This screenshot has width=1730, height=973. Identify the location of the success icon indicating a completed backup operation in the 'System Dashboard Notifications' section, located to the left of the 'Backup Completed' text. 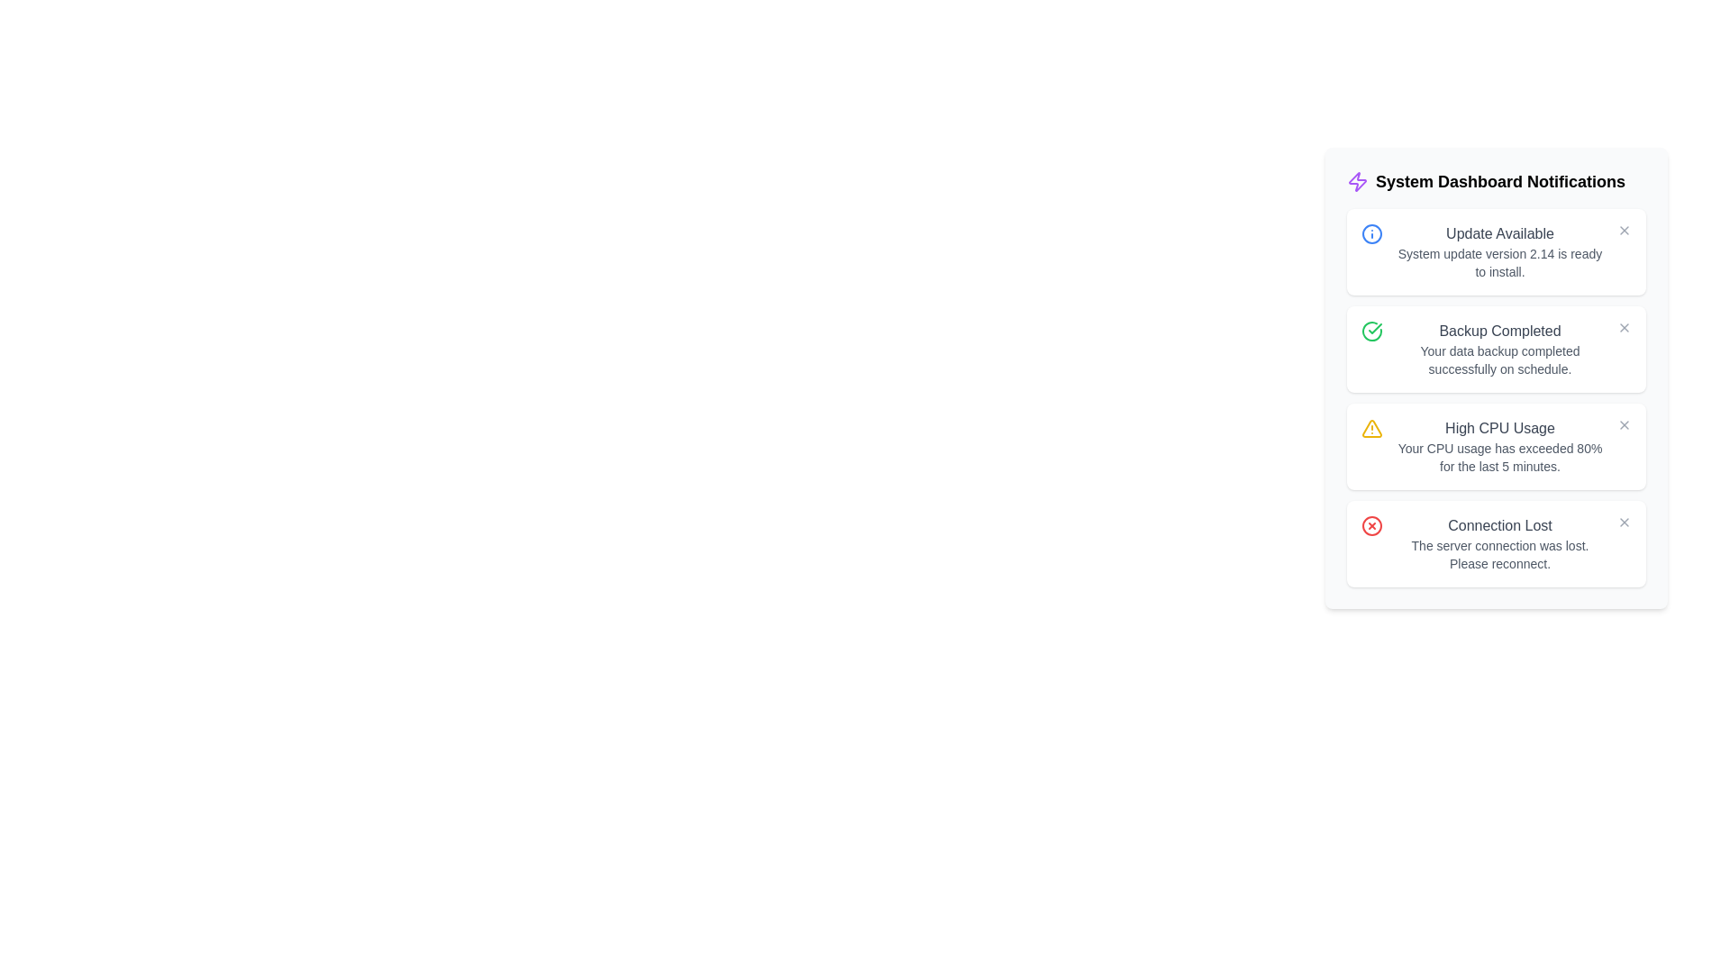
(1370, 331).